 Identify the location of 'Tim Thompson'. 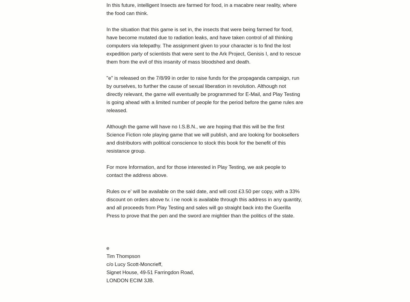
(123, 256).